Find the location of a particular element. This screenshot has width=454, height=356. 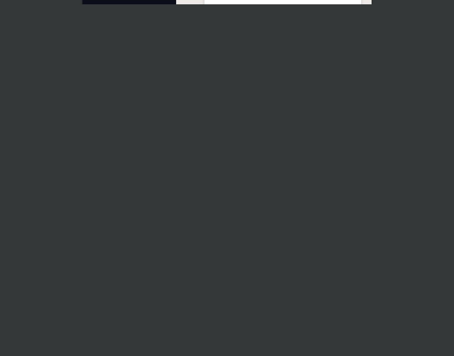

'Leave a comment' is located at coordinates (218, 221).